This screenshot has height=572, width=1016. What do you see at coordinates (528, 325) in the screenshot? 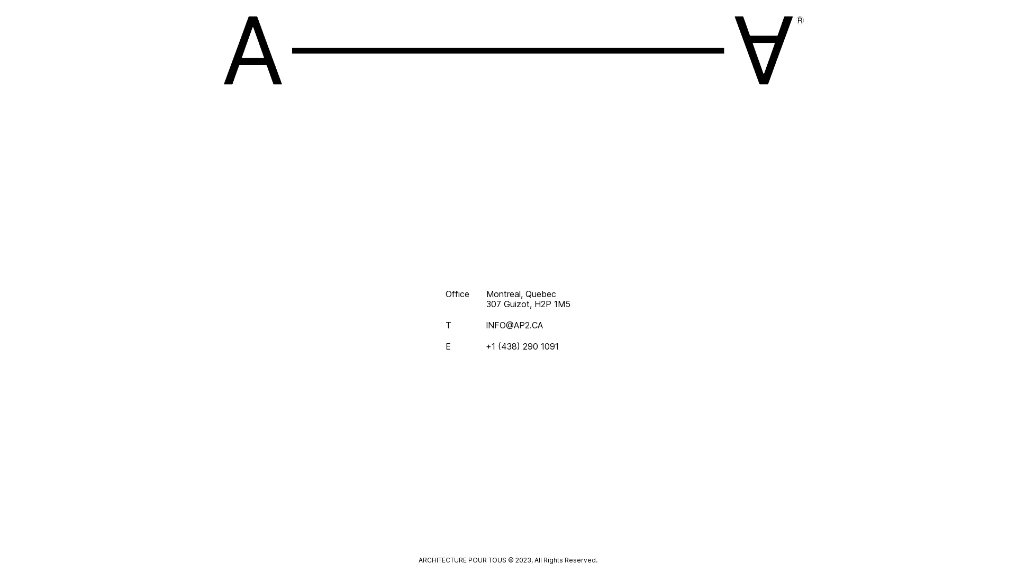
I see `'INFO@AP2.CA'` at bounding box center [528, 325].